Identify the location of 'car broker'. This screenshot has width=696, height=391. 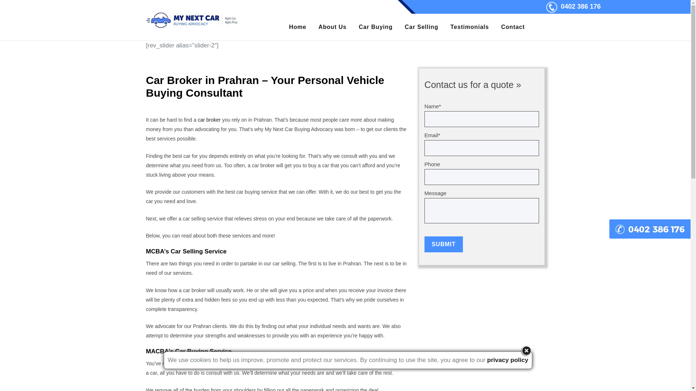
(198, 119).